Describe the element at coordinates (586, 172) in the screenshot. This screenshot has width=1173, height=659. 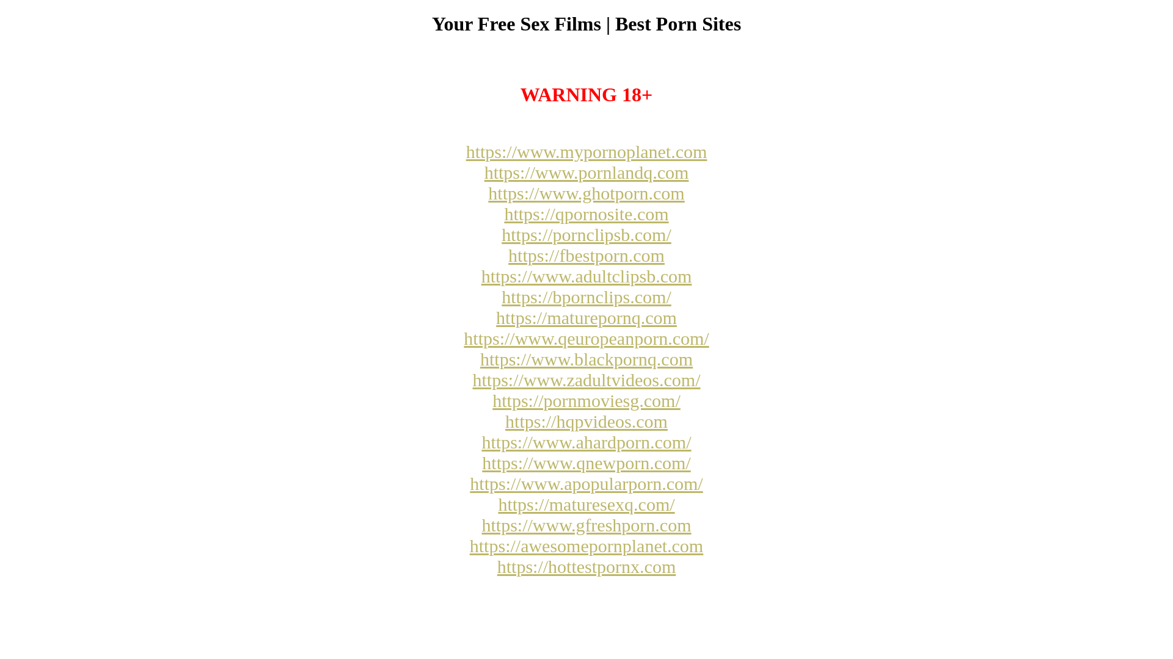
I see `'https://www.pornlandq.com'` at that location.